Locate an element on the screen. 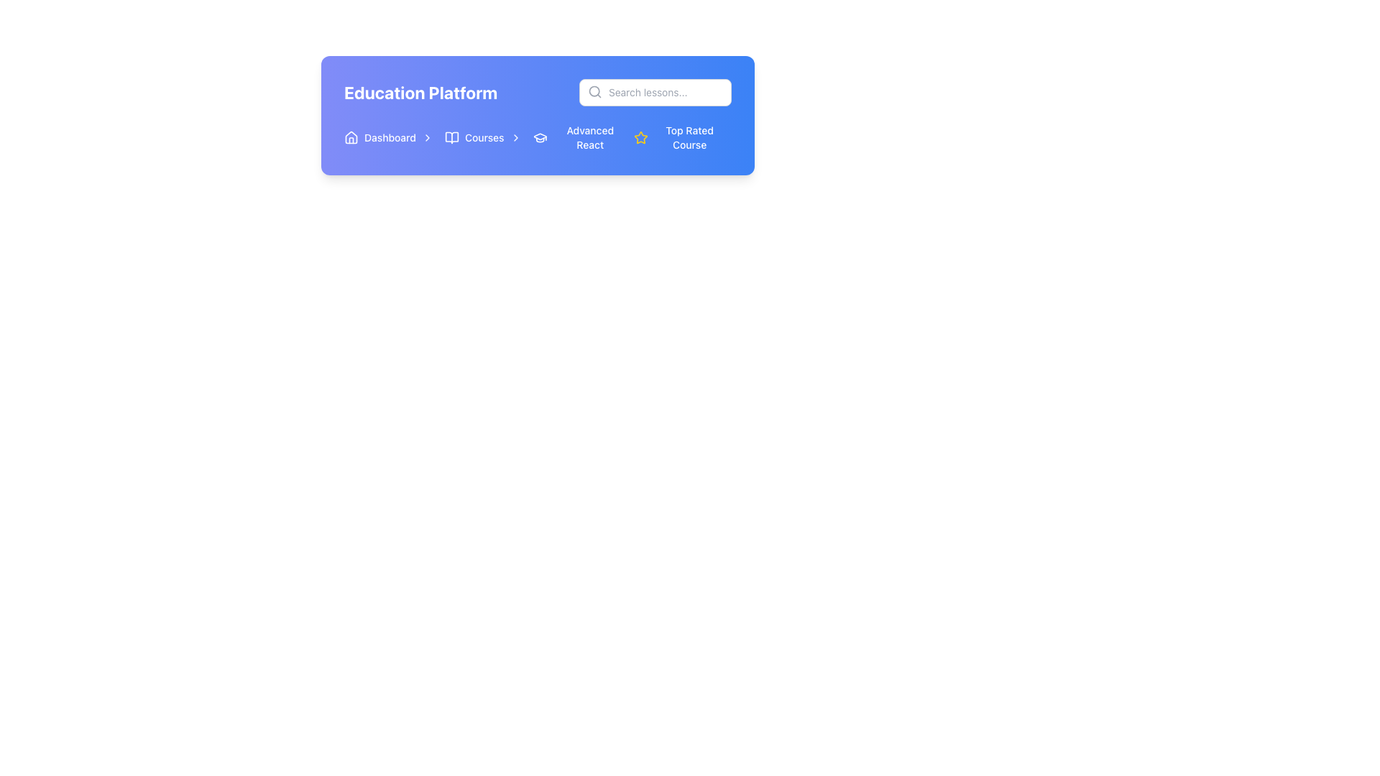  the breadcrumb navigation component located below the 'Education Platform' heading is located at coordinates (486, 138).